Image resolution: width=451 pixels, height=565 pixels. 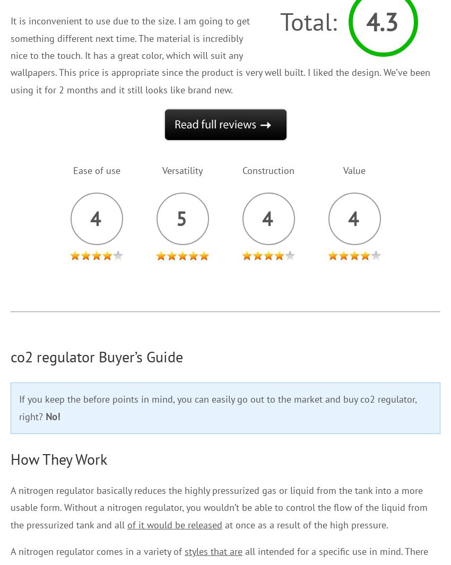 What do you see at coordinates (73, 169) in the screenshot?
I see `'Ease of use'` at bounding box center [73, 169].